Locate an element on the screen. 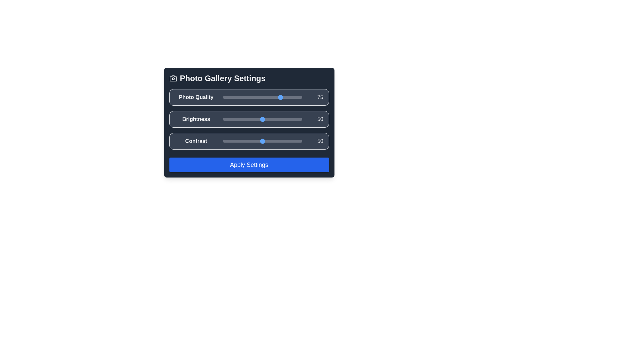 This screenshot has width=639, height=359. the contrast level is located at coordinates (285, 141).